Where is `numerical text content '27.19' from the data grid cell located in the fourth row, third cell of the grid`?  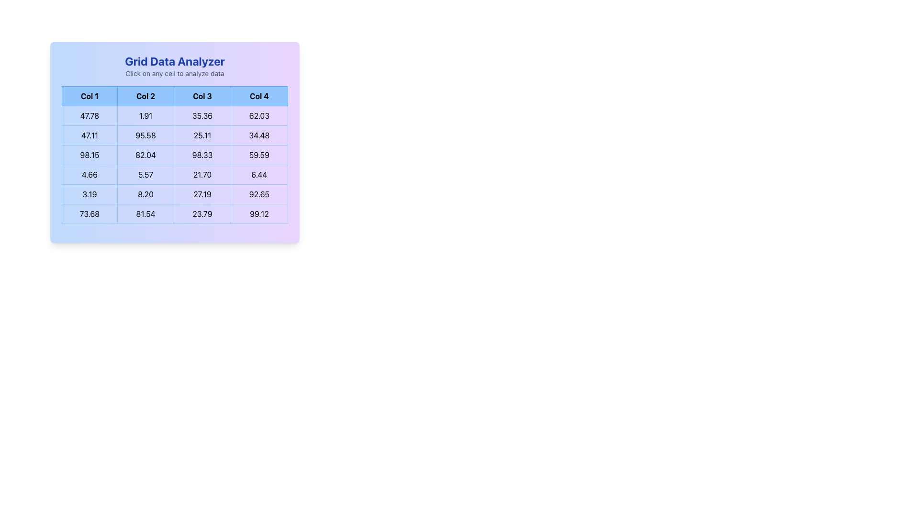
numerical text content '27.19' from the data grid cell located in the fourth row, third cell of the grid is located at coordinates (202, 194).